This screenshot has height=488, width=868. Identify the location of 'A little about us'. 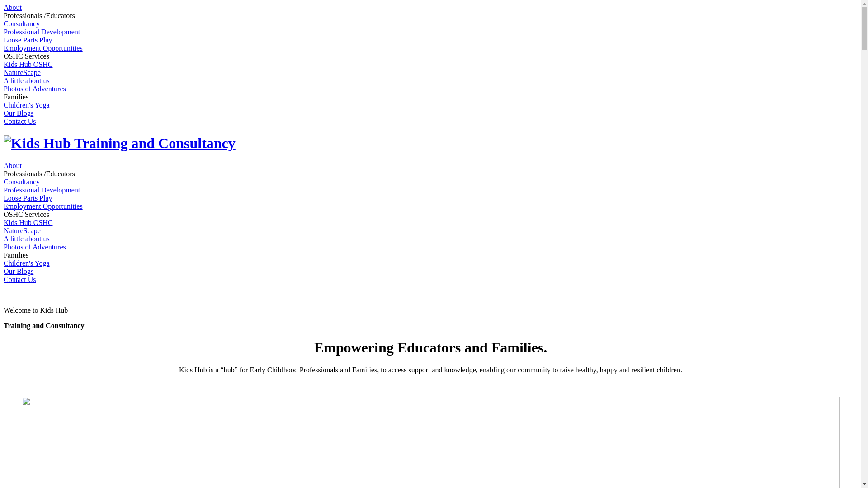
(26, 238).